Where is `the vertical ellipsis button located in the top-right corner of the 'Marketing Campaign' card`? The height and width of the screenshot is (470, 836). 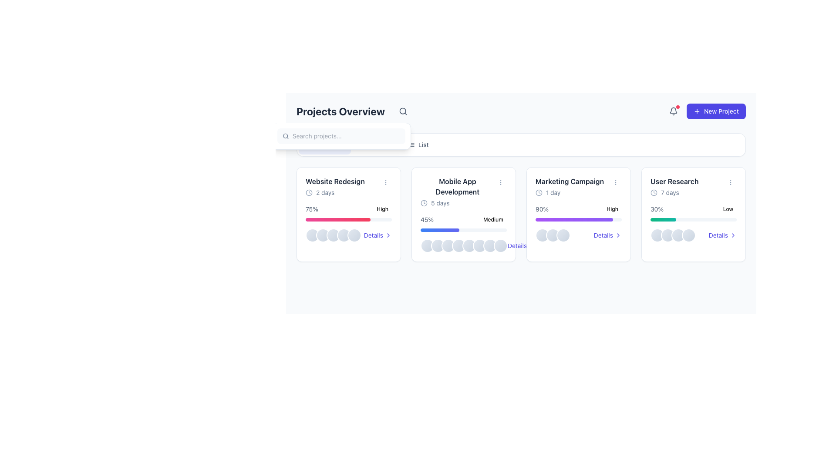
the vertical ellipsis button located in the top-right corner of the 'Marketing Campaign' card is located at coordinates (615, 182).